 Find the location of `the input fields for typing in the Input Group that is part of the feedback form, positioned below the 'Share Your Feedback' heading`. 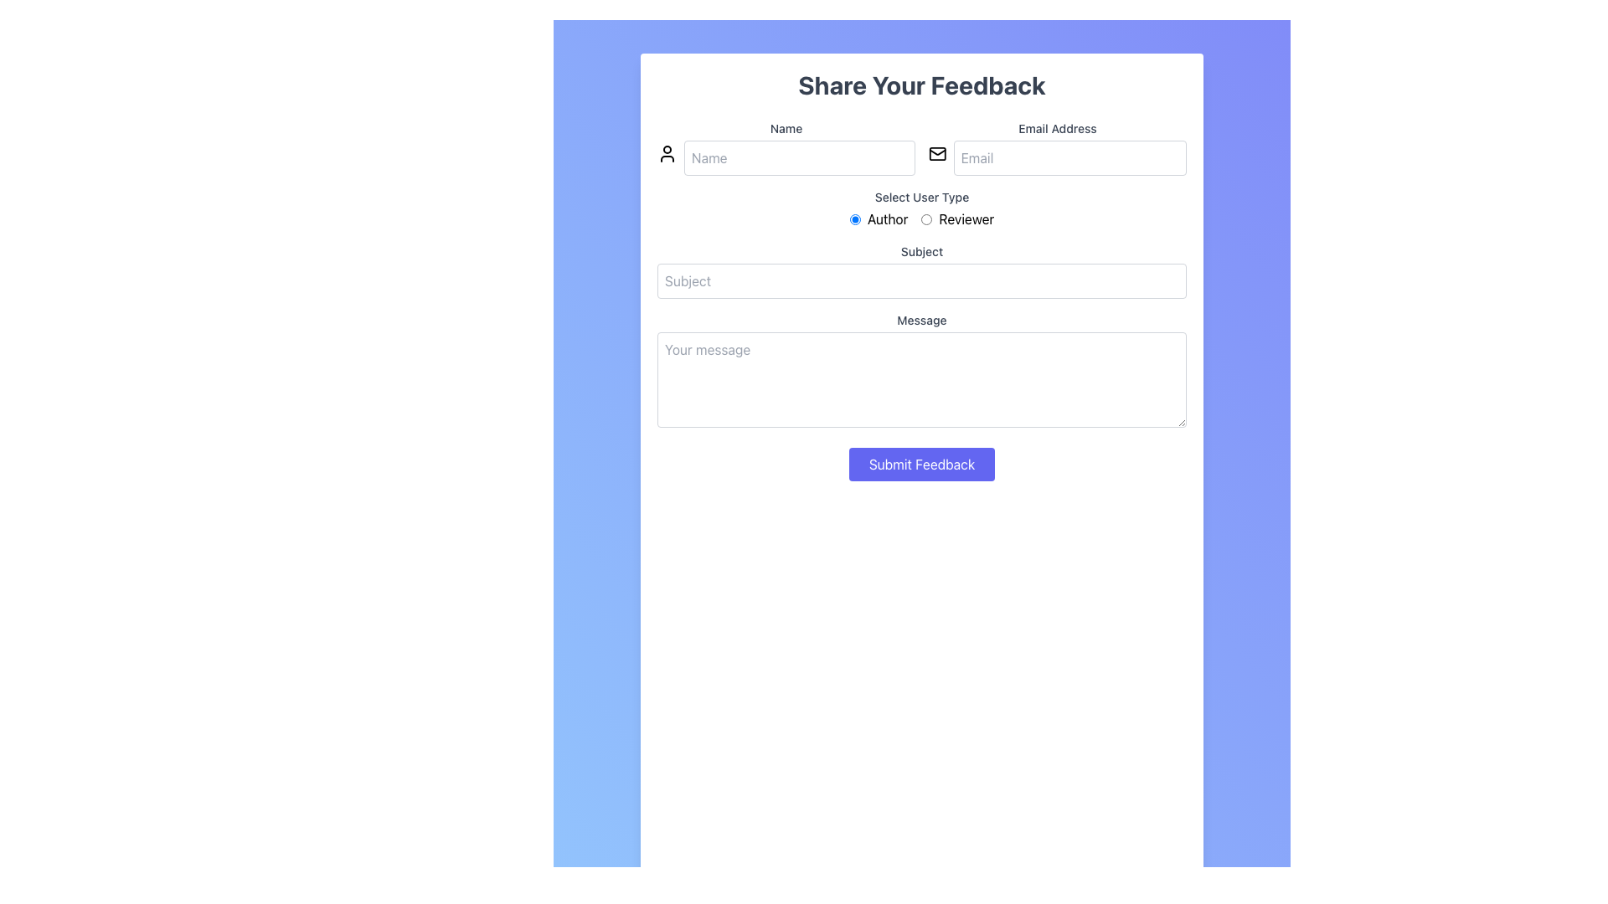

the input fields for typing in the Input Group that is part of the feedback form, positioned below the 'Share Your Feedback' heading is located at coordinates (920, 147).